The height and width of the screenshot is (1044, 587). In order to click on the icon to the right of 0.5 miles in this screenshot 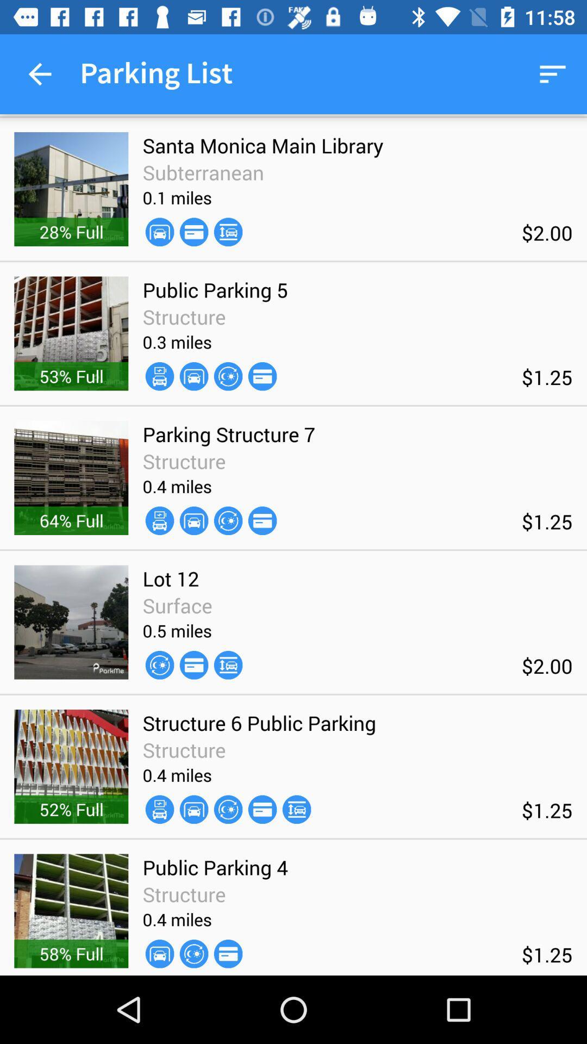, I will do `click(228, 664)`.